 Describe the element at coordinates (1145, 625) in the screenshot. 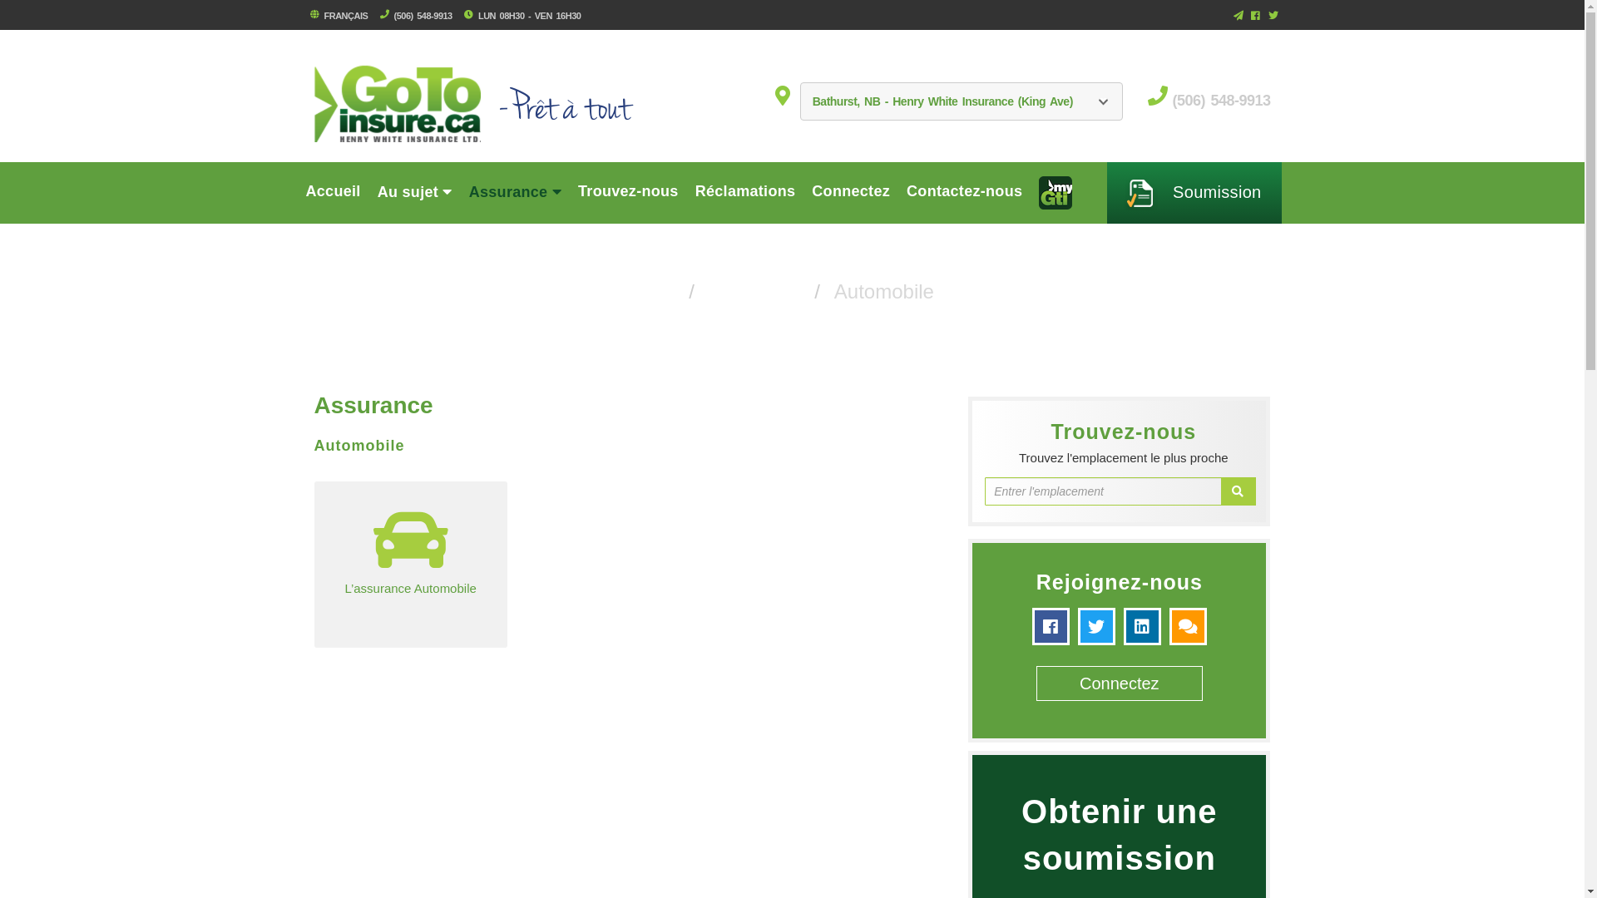

I see `'linkedin'` at that location.